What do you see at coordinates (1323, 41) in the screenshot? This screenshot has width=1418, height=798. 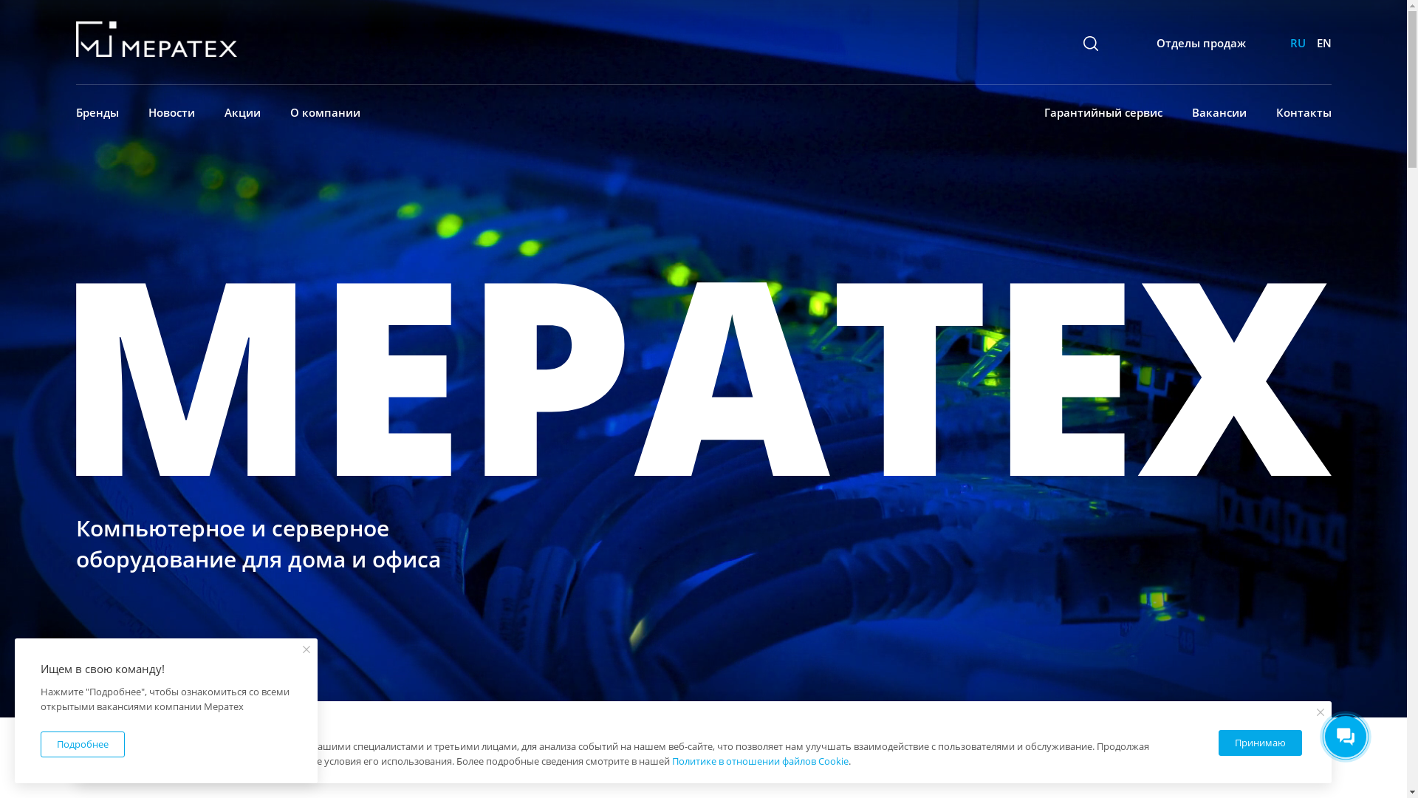 I see `'EN'` at bounding box center [1323, 41].